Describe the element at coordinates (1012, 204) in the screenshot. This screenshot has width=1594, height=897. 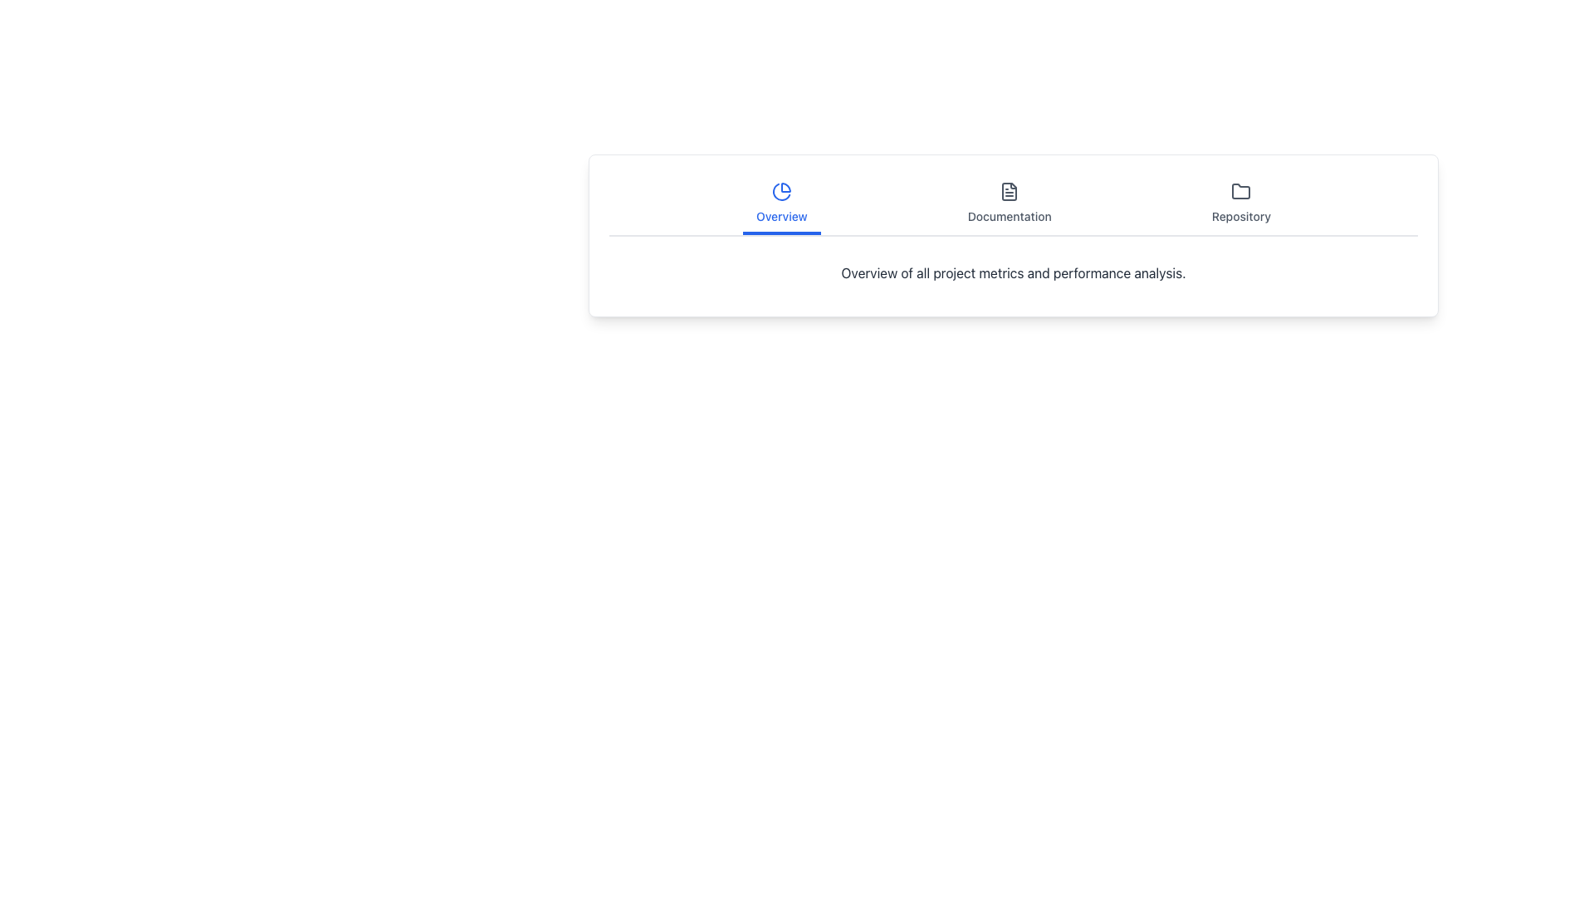
I see `the central 'Documentation' tab in the navigation bar` at that location.